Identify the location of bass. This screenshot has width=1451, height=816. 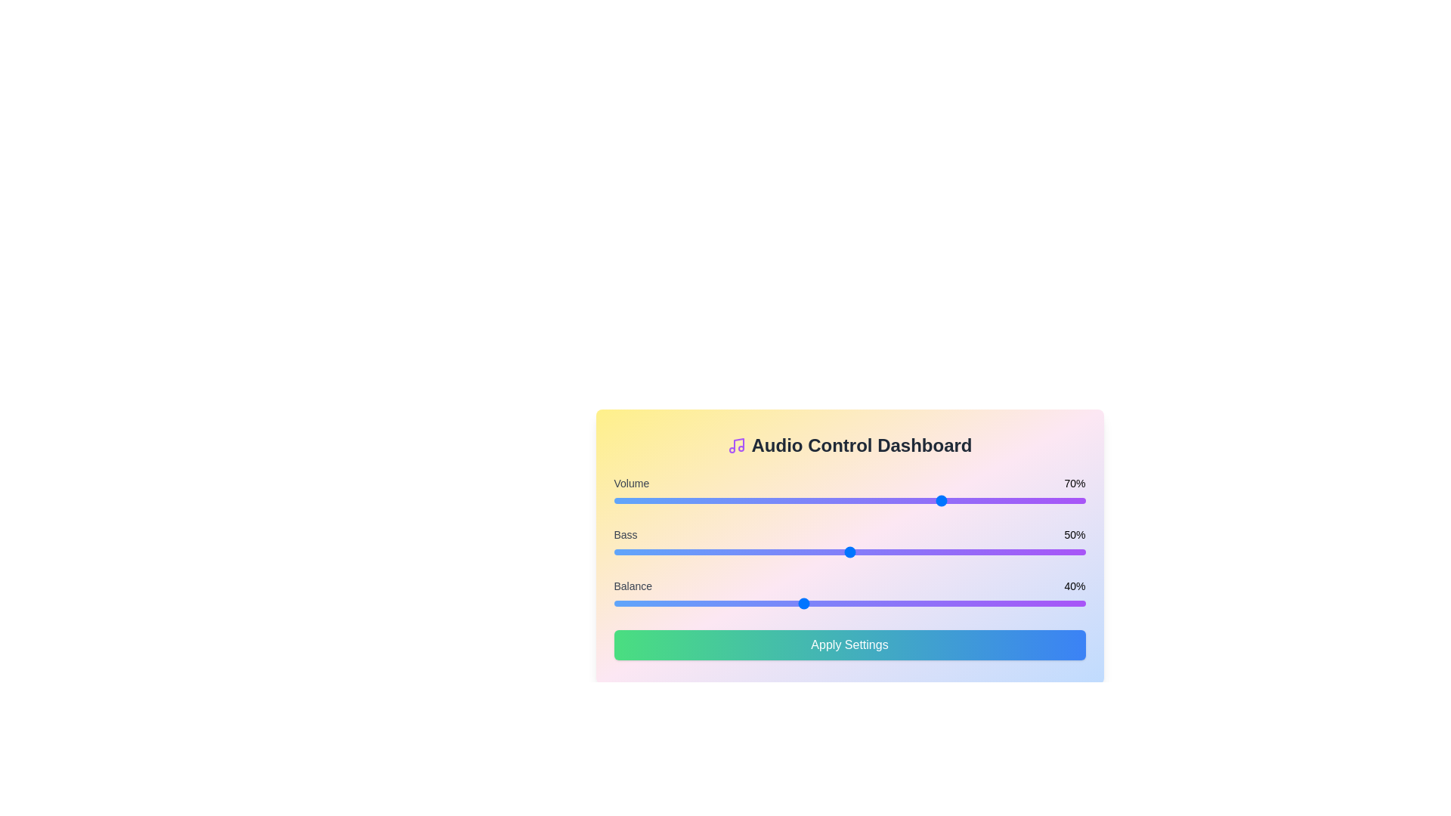
(1042, 552).